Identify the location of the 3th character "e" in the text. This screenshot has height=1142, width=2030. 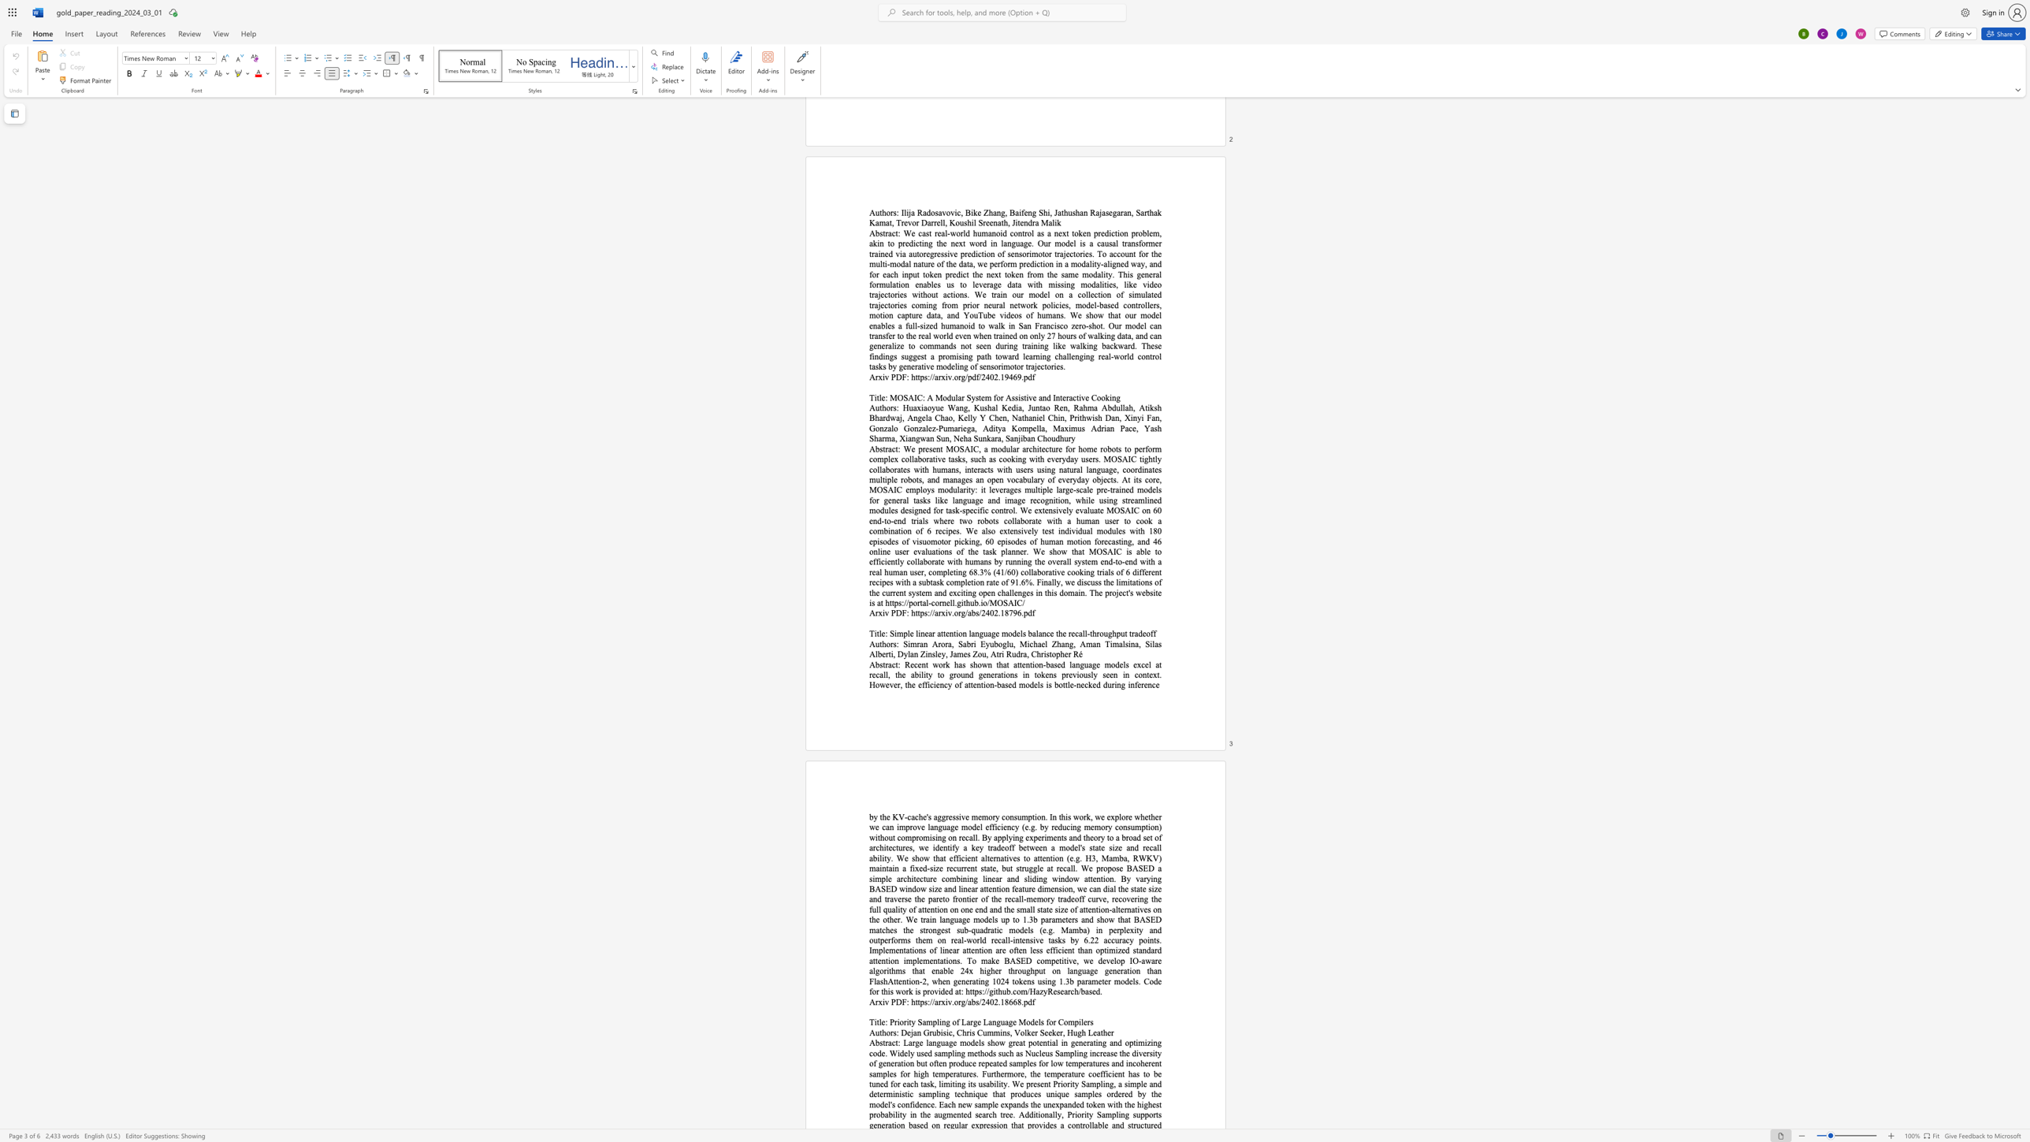
(1036, 1022).